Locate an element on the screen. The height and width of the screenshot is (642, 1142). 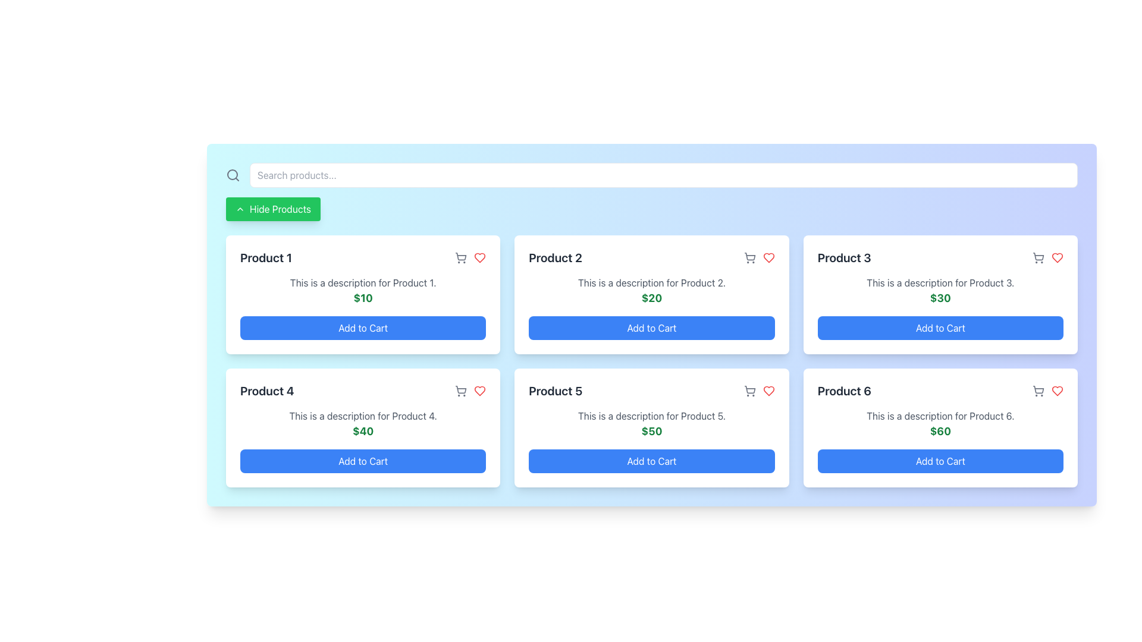
the 'Add to Cart' button for 'Product 1' is located at coordinates (362, 328).